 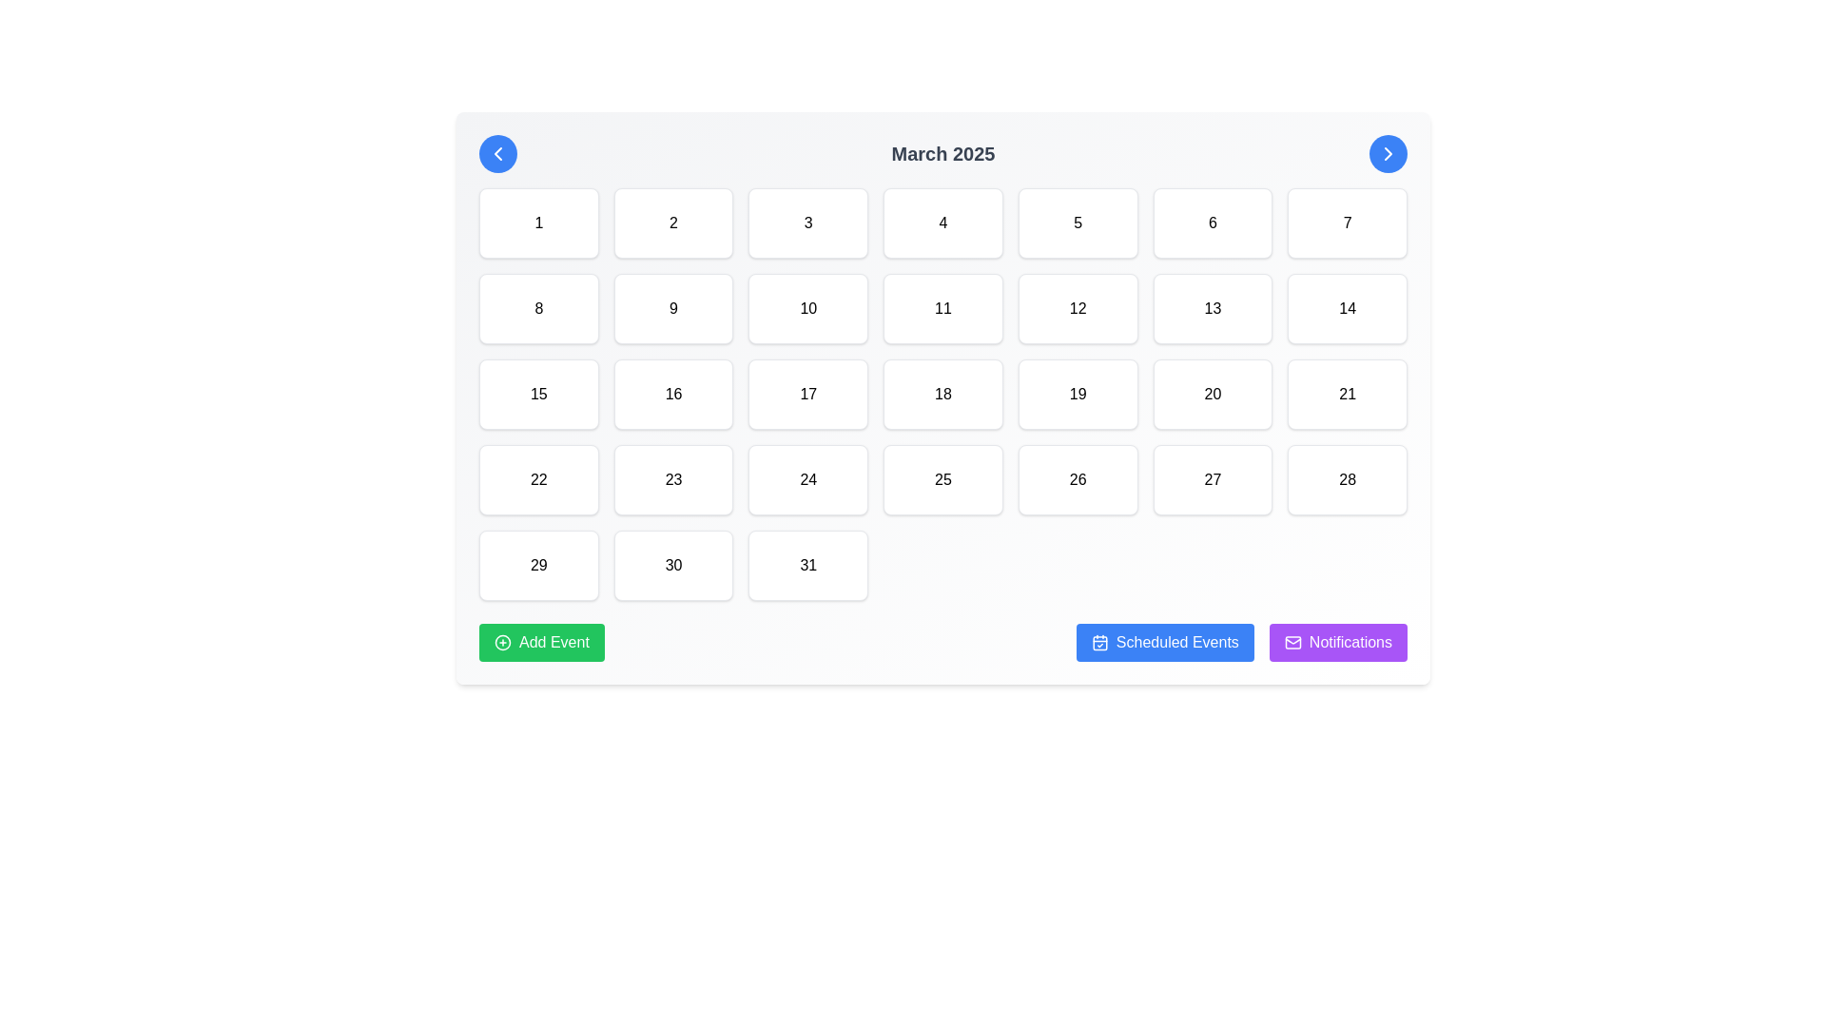 I want to click on the Navigation Icon located at the top left corner of the interface, adjacent to the header displaying 'March 2025', so click(x=497, y=153).